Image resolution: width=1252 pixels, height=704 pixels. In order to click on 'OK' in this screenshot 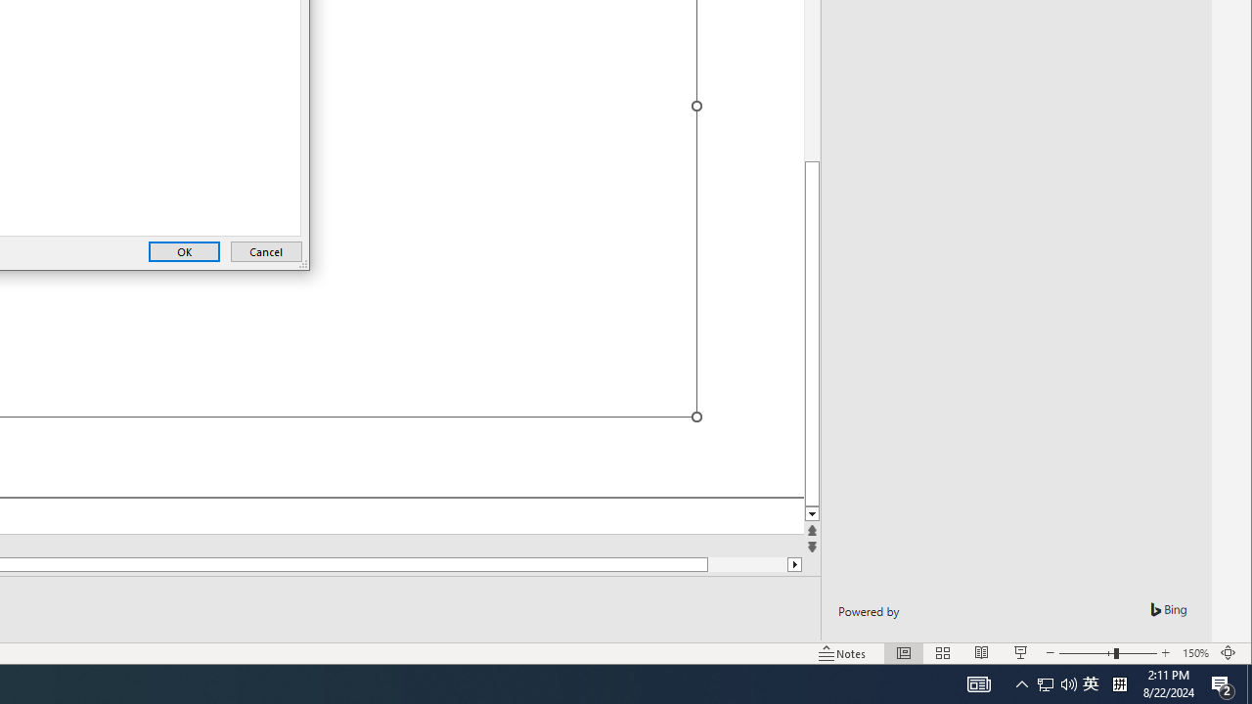, I will do `click(184, 250)`.